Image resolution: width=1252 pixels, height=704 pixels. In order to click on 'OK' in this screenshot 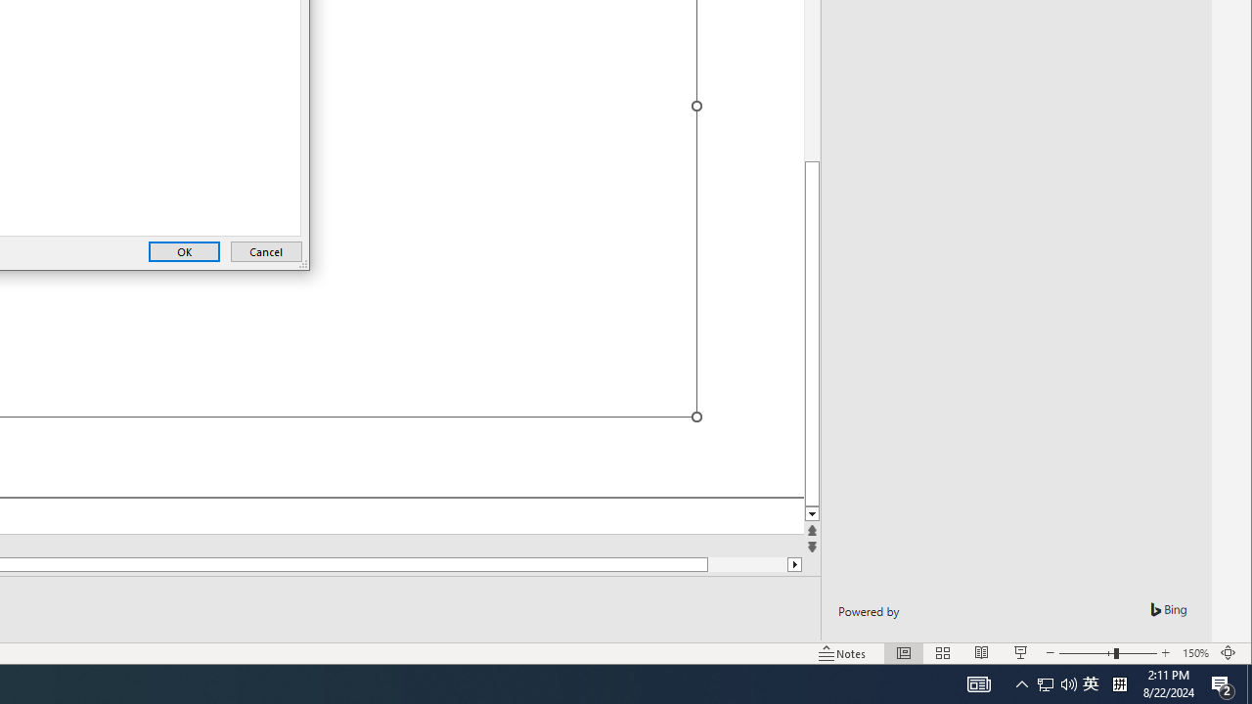, I will do `click(184, 250)`.